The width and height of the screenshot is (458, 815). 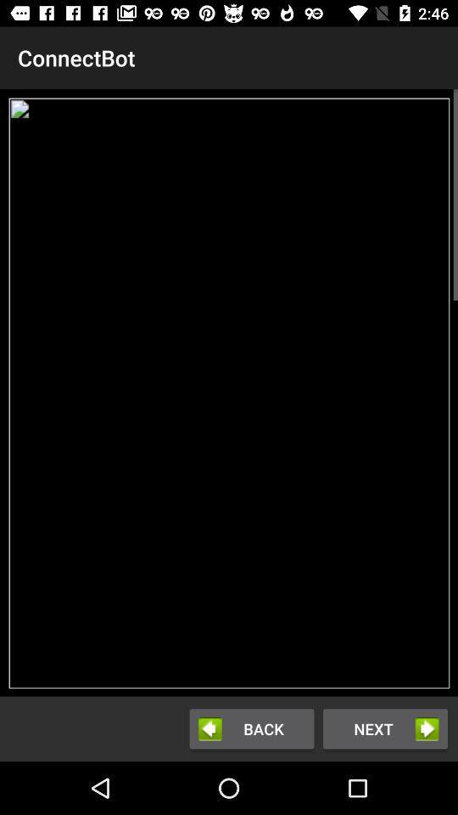 What do you see at coordinates (385, 728) in the screenshot?
I see `the next at the bottom right corner` at bounding box center [385, 728].